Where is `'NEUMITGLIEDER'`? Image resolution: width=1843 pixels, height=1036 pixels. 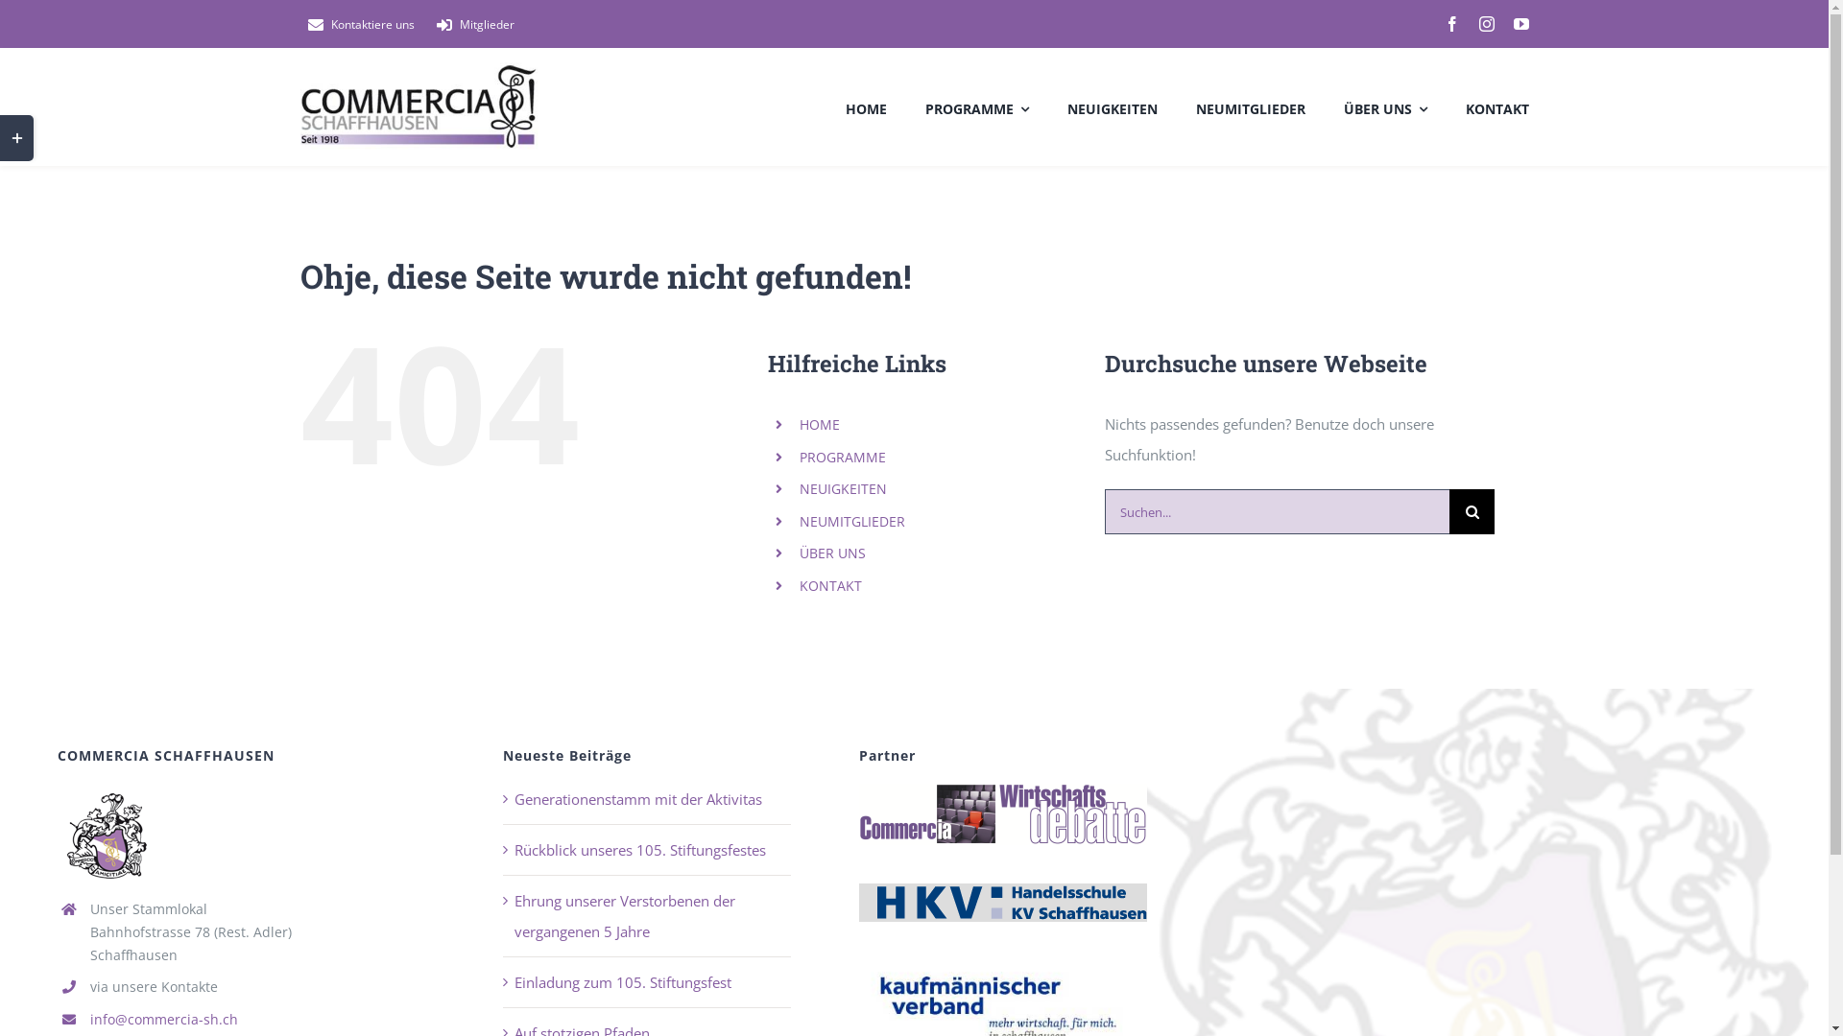
'NEUMITGLIEDER' is located at coordinates (1195, 106).